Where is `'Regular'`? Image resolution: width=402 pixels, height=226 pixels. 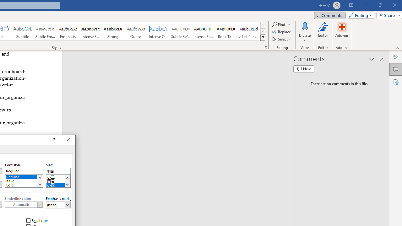 'Regular' is located at coordinates (24, 176).